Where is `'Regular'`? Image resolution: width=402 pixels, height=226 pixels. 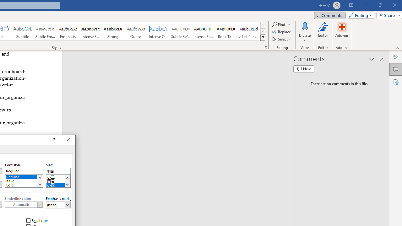 'Regular' is located at coordinates (24, 176).